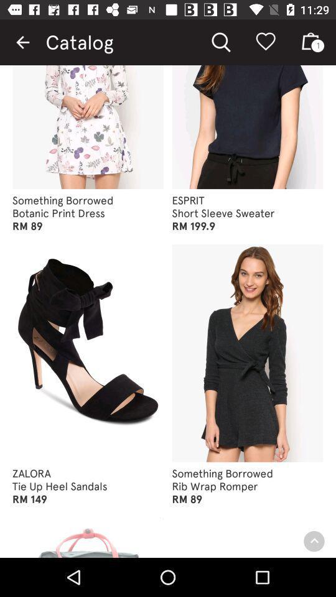  I want to click on item to the left of the catalog, so click(22, 42).